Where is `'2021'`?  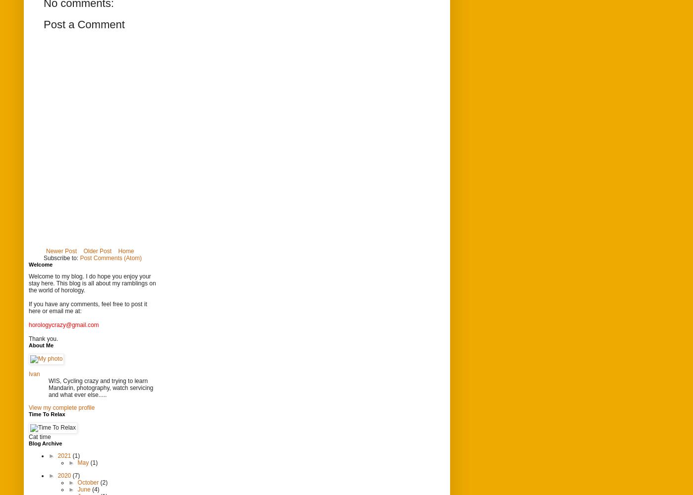 '2021' is located at coordinates (64, 455).